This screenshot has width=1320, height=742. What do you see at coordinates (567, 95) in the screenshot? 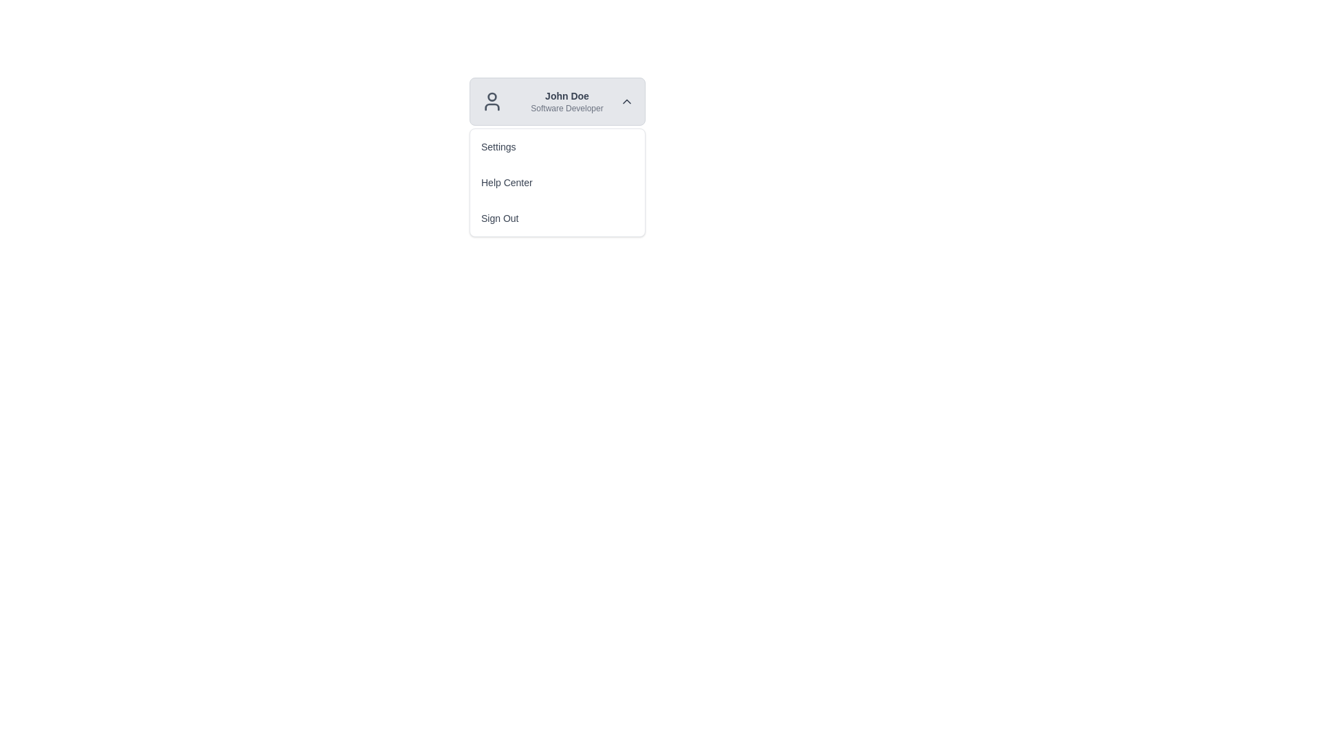
I see `text 'John Doe' displayed in a bold font above the text 'Software Developer' in the light gray background section` at bounding box center [567, 95].